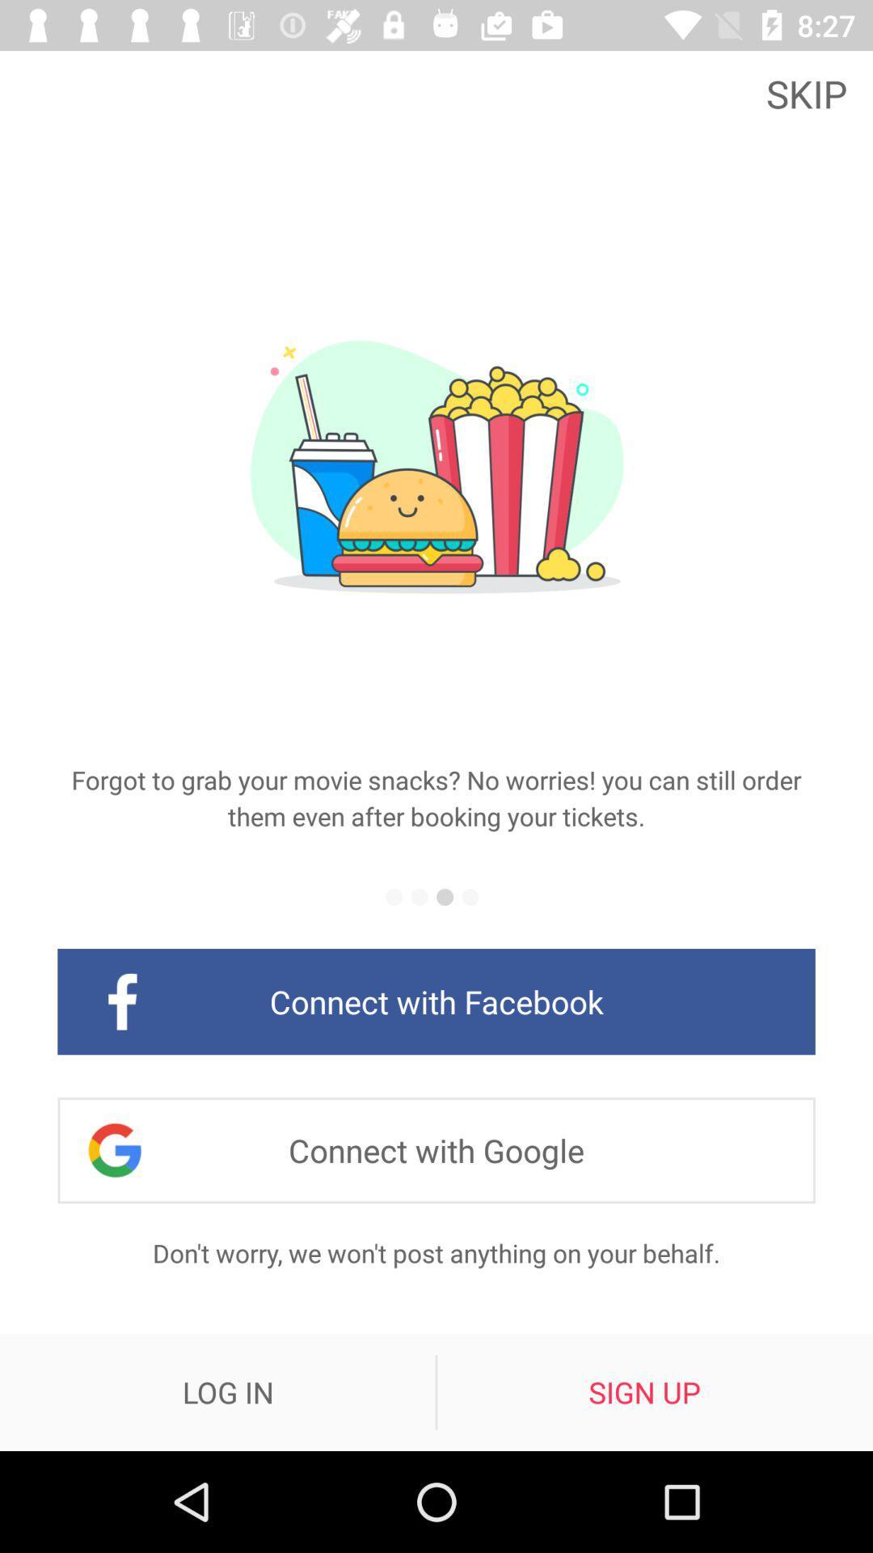 This screenshot has height=1553, width=873. Describe the element at coordinates (811, 92) in the screenshot. I see `skip` at that location.